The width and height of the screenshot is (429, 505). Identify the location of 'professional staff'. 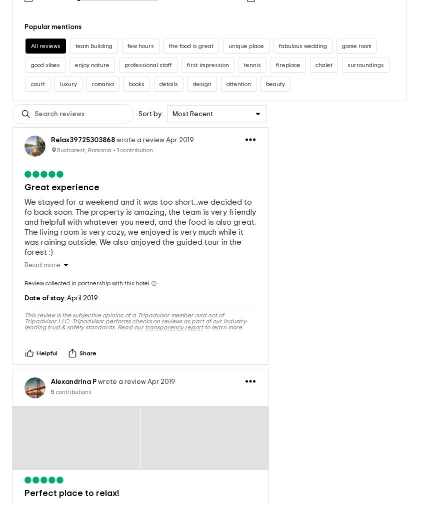
(148, 54).